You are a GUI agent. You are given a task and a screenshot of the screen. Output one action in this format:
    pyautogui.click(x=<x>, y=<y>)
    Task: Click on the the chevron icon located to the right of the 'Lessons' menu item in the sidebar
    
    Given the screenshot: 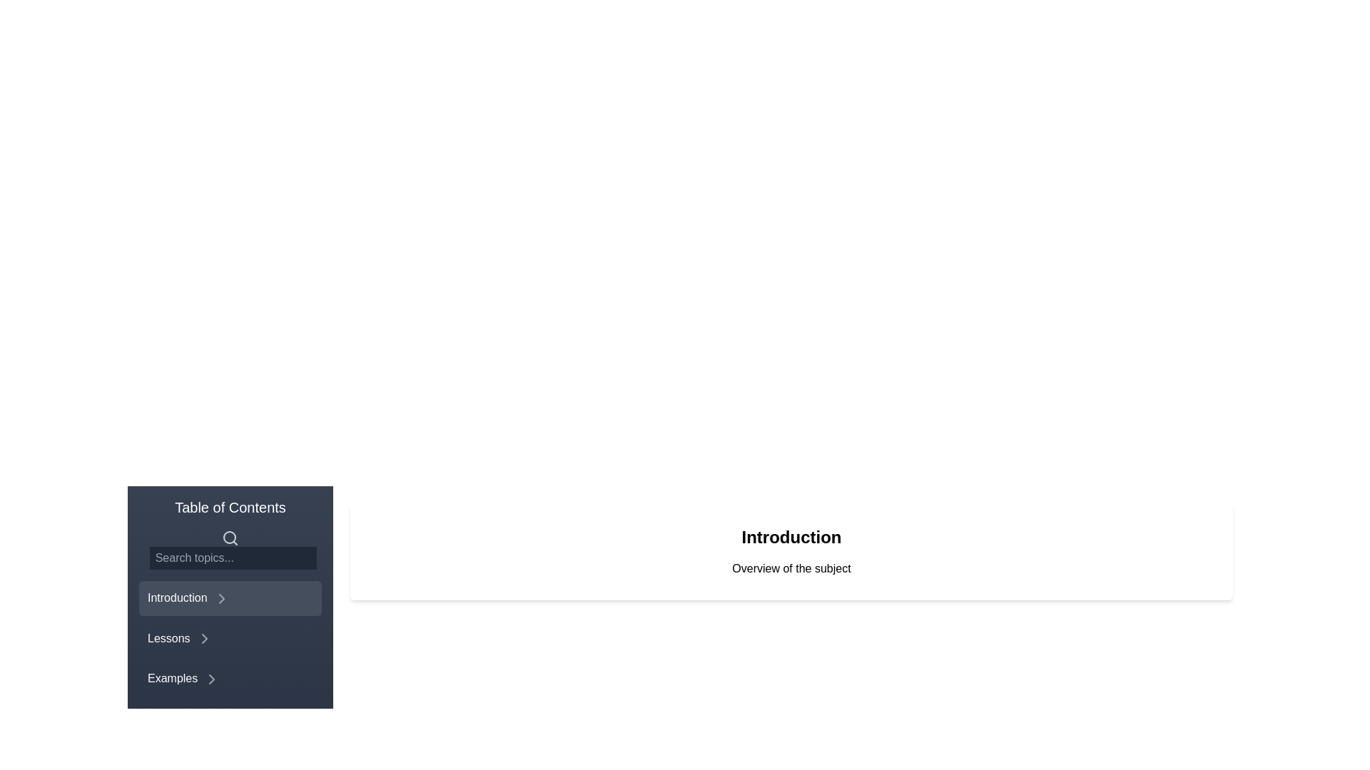 What is the action you would take?
    pyautogui.click(x=203, y=638)
    